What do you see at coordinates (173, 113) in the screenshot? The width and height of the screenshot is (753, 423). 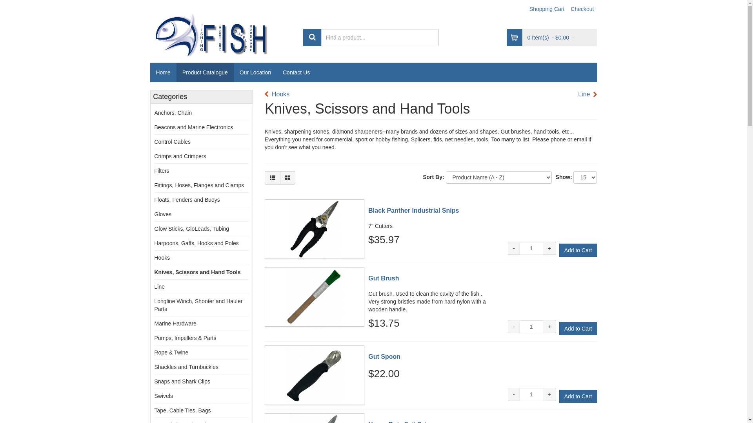 I see `'Anchors, Chain'` at bounding box center [173, 113].